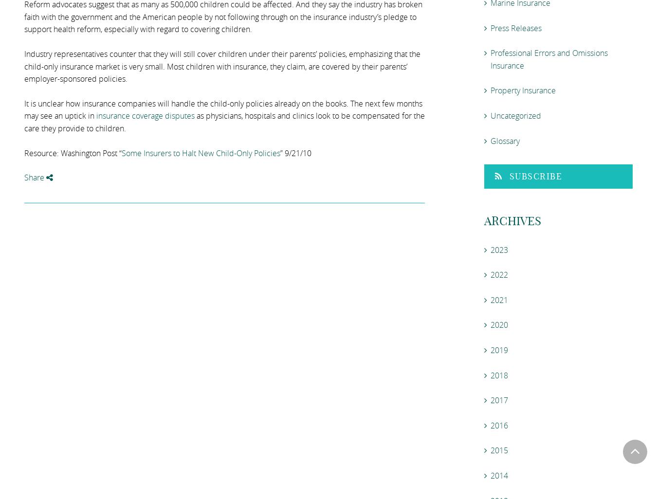 This screenshot has width=657, height=499. Describe the element at coordinates (499, 300) in the screenshot. I see `'2021'` at that location.